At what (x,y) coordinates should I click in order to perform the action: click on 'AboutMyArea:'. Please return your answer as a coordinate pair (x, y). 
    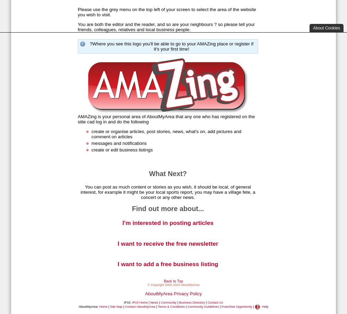
    Looking at the image, I should click on (88, 306).